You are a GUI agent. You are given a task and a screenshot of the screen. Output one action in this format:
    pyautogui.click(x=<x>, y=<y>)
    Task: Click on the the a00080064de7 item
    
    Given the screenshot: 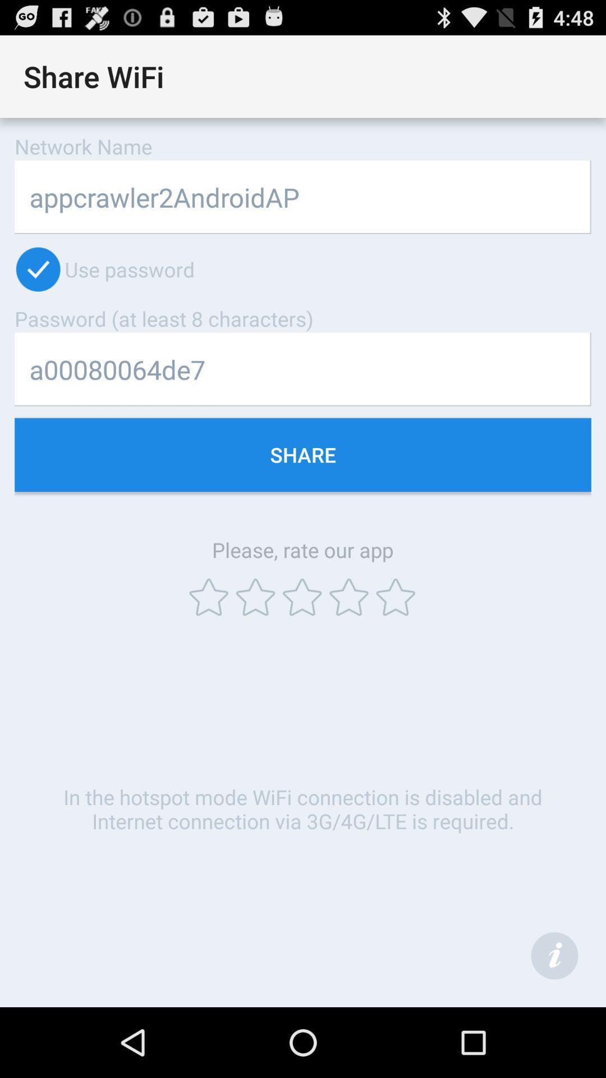 What is the action you would take?
    pyautogui.click(x=303, y=369)
    